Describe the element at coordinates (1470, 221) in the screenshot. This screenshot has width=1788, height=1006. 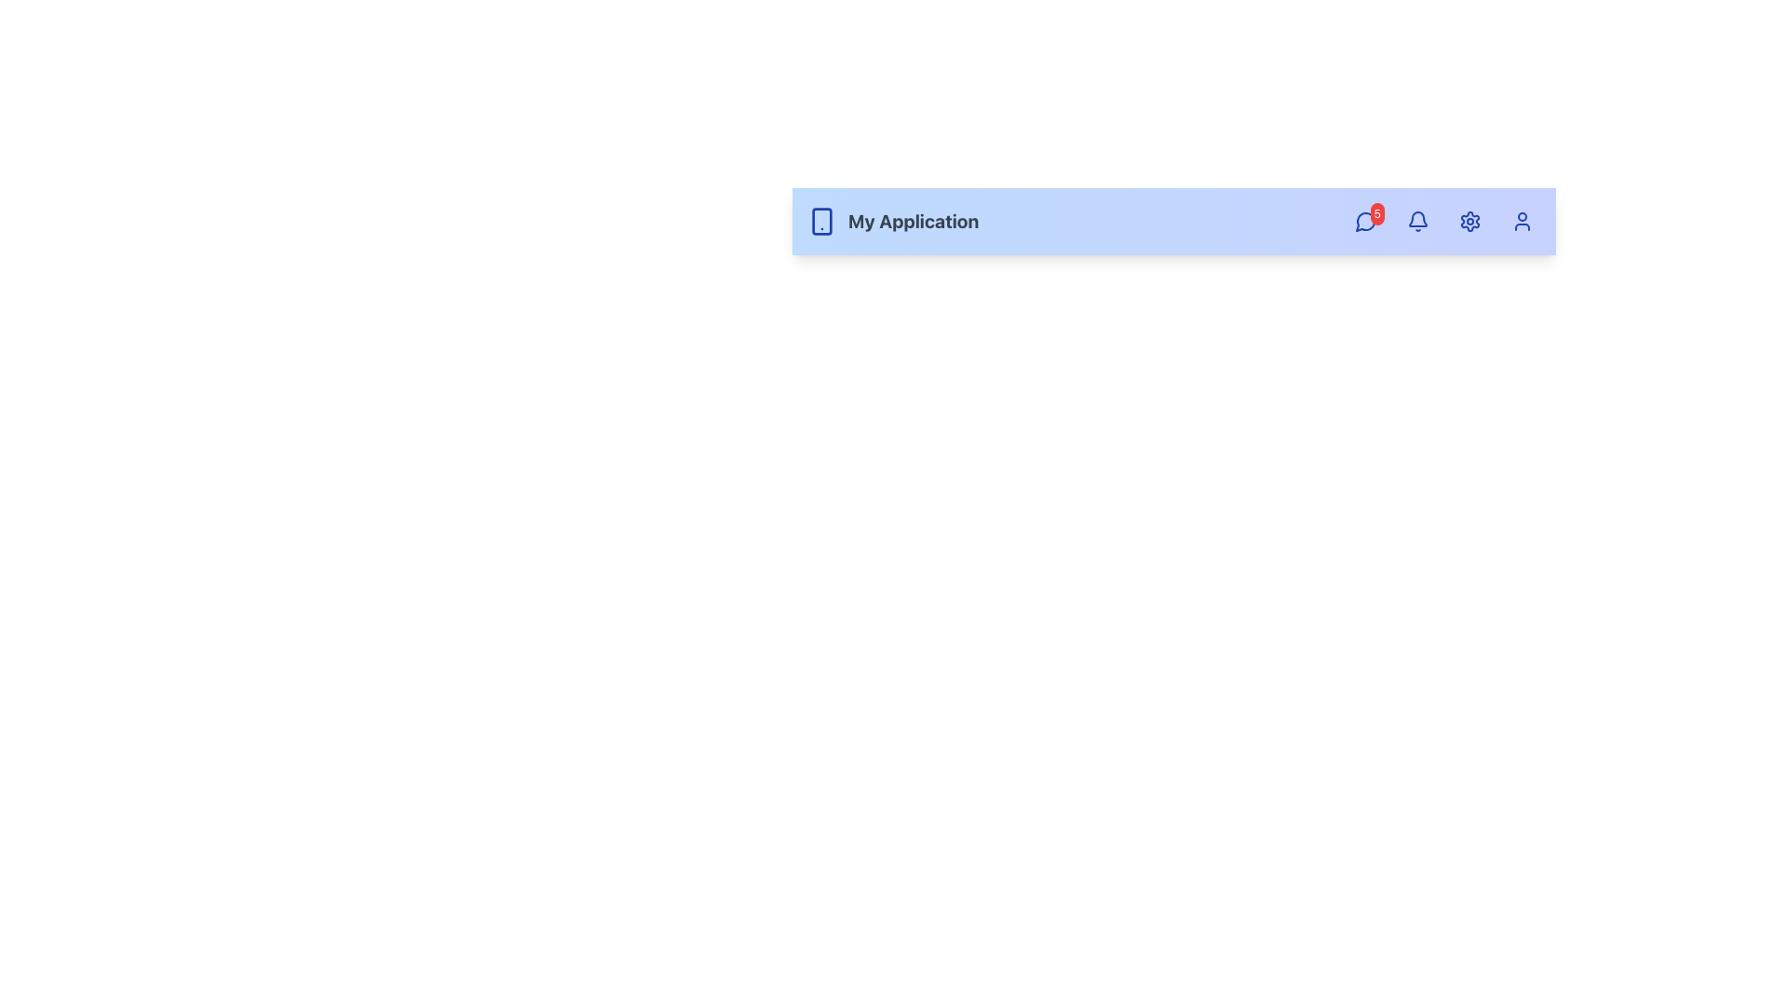
I see `the gear-shaped icon button with blue lines on a transparent background, located` at that location.